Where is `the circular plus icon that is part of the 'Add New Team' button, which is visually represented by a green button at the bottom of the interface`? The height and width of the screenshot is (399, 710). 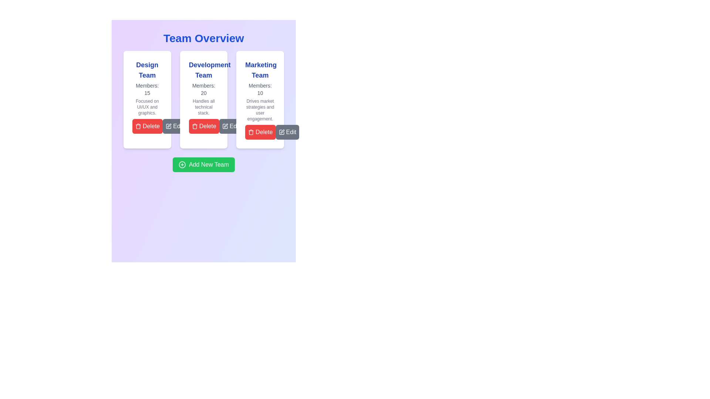 the circular plus icon that is part of the 'Add New Team' button, which is visually represented by a green button at the bottom of the interface is located at coordinates (182, 164).